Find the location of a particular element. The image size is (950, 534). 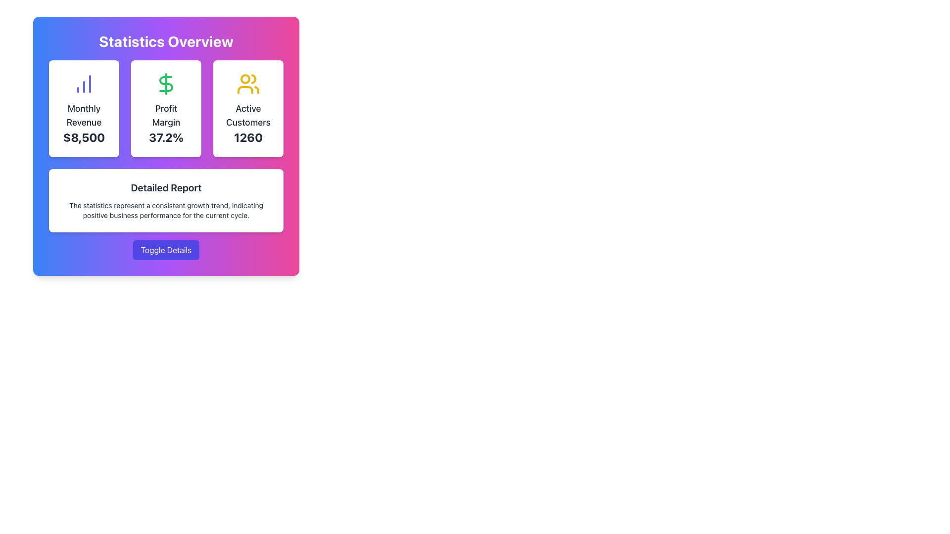

the green dollar sign icon located in the center of the 'Profit Margin 37.2%' section, which is visually above the text 'Profit Margin' and '37.2%' is located at coordinates (166, 83).